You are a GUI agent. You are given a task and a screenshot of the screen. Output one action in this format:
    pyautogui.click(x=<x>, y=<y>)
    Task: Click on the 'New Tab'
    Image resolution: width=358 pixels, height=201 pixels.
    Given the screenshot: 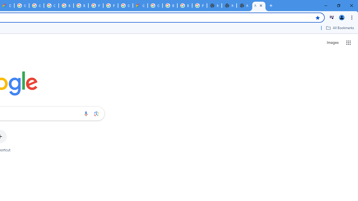 What is the action you would take?
    pyautogui.click(x=244, y=6)
    